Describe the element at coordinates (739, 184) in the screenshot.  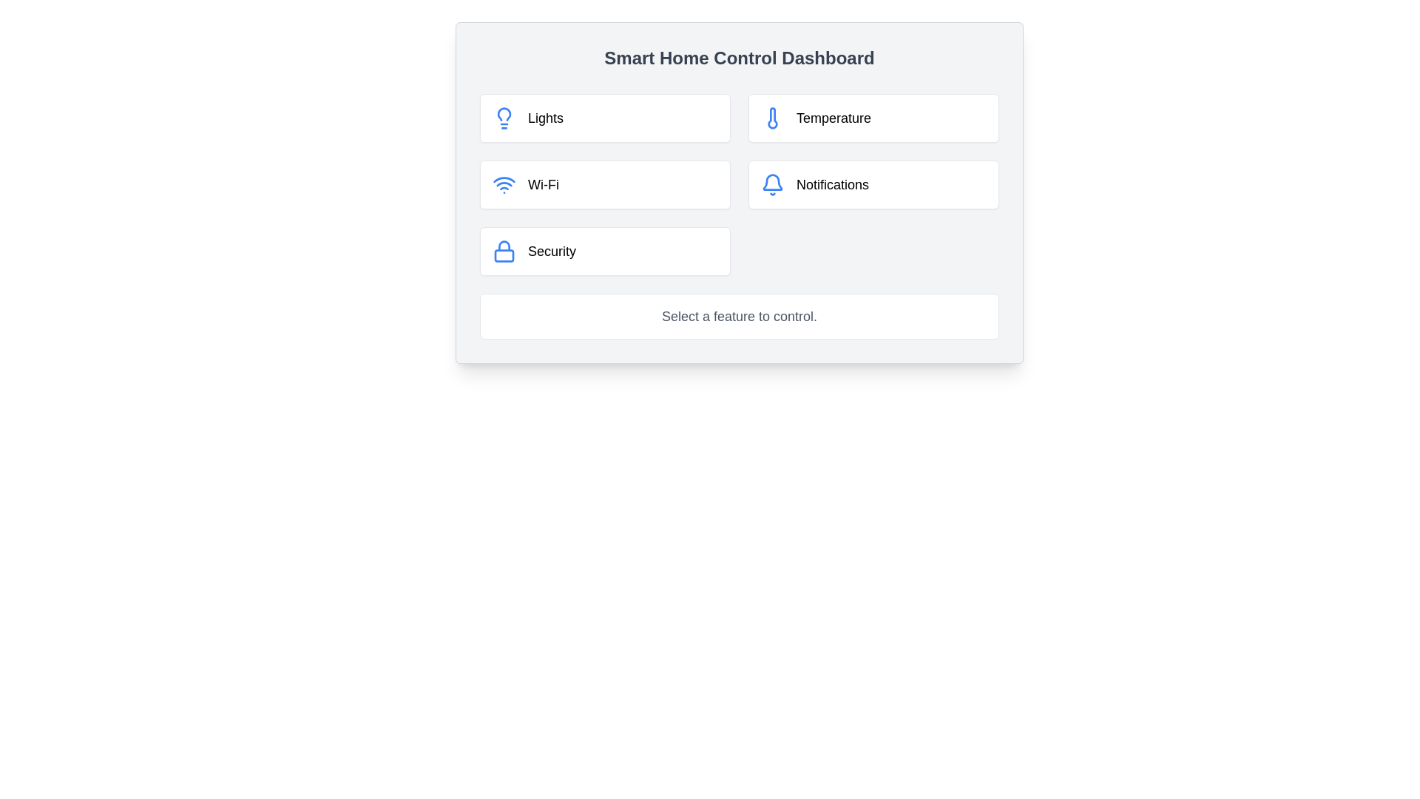
I see `one of the tiles in the Smart Home Control Dashboard grid` at that location.